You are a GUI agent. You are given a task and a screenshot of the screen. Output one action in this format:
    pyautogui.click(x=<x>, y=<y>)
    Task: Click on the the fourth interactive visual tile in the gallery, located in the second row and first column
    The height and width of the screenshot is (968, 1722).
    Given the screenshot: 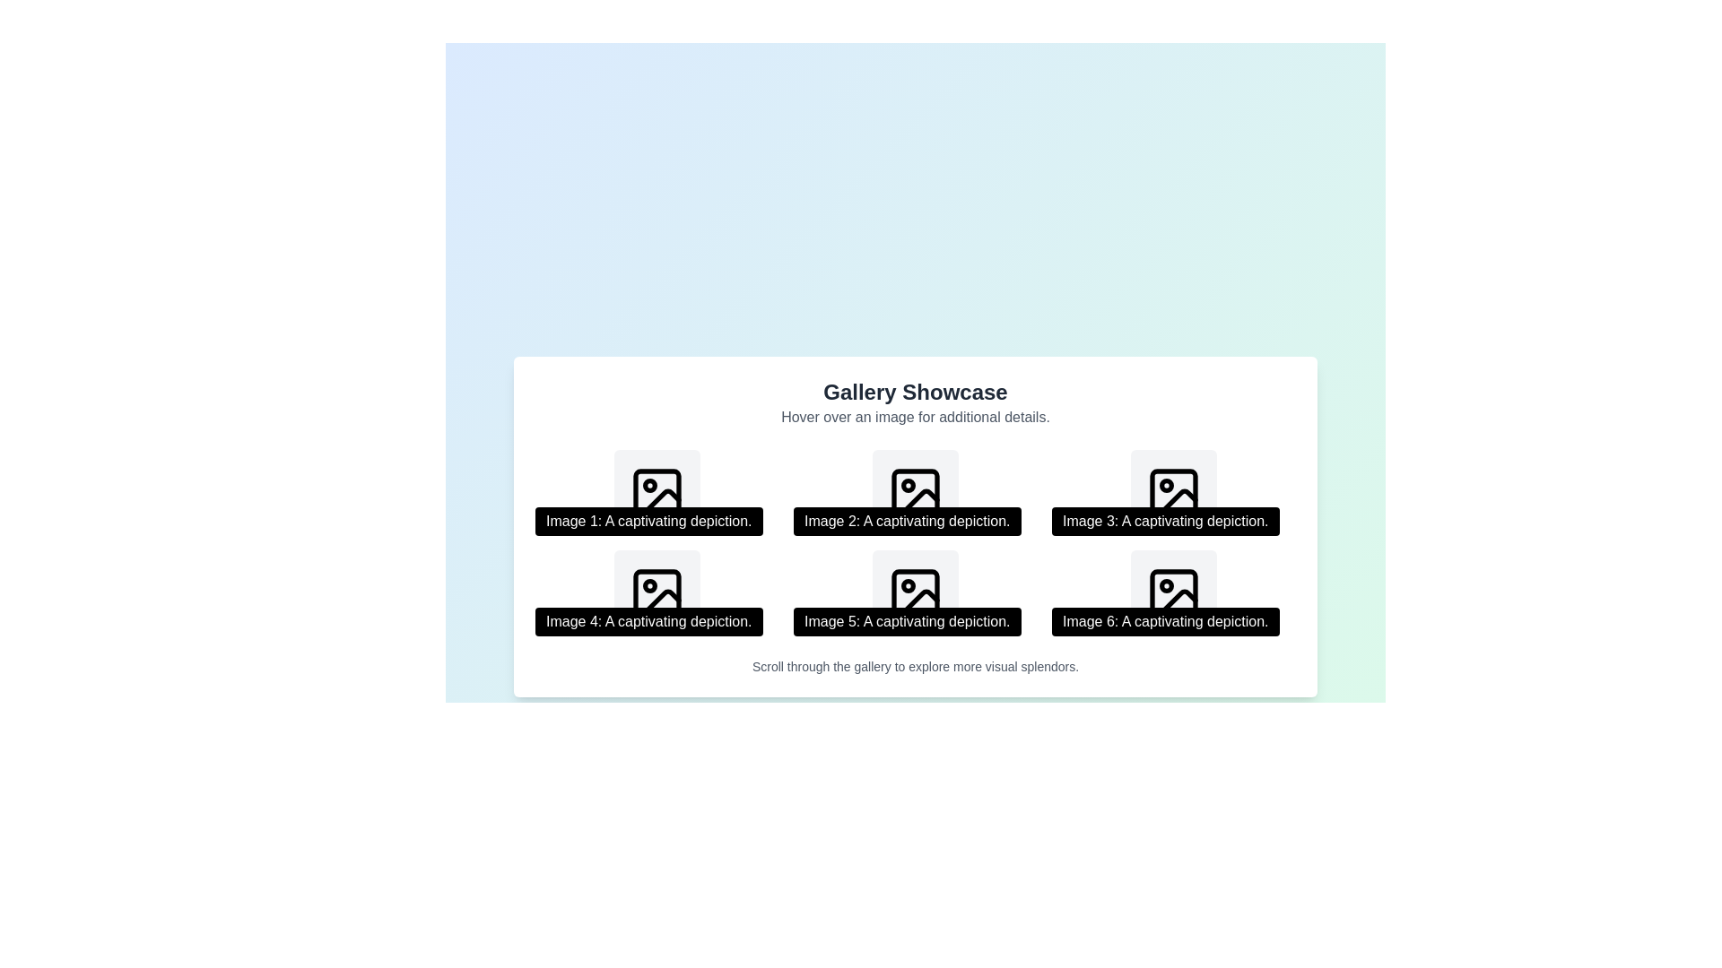 What is the action you would take?
    pyautogui.click(x=657, y=593)
    